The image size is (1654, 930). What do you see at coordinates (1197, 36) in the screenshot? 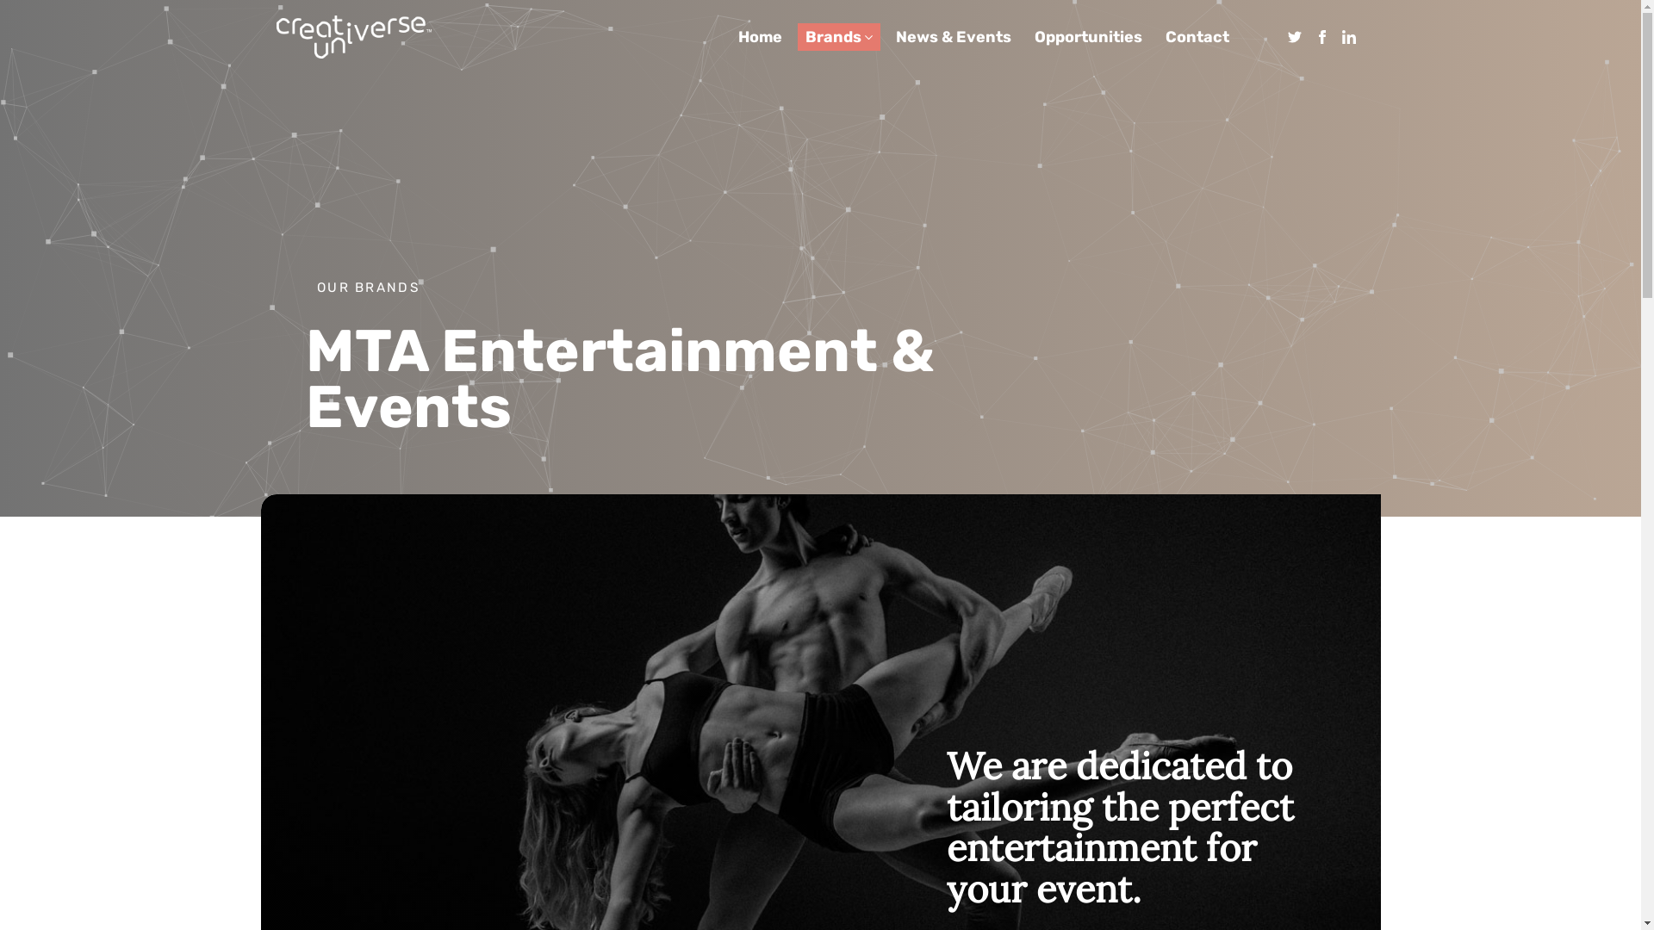
I see `'Contact'` at bounding box center [1197, 36].